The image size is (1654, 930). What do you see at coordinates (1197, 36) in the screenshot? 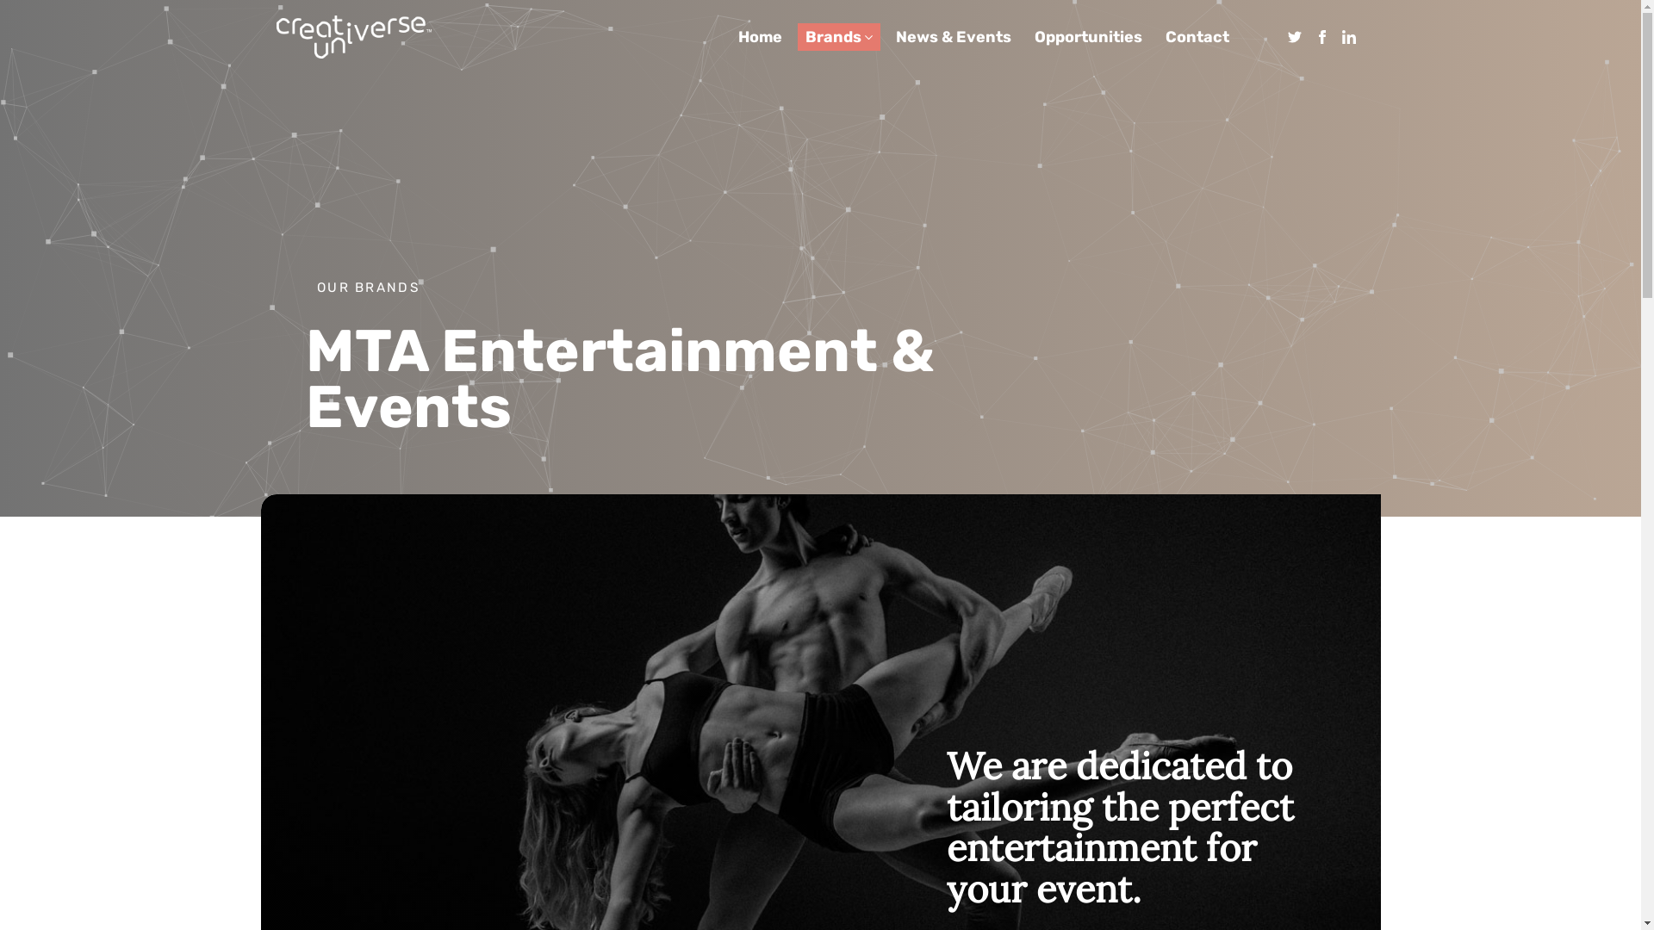
I see `'Contact'` at bounding box center [1197, 36].